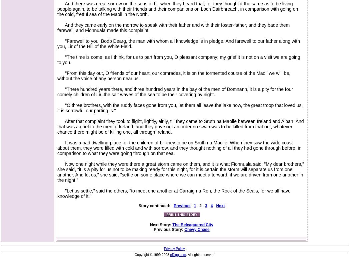 The width and height of the screenshot is (350, 260). I want to click on '2', so click(200, 206).